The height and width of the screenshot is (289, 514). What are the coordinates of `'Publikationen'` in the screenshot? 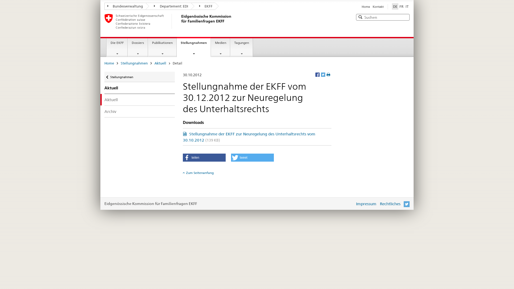 It's located at (162, 47).